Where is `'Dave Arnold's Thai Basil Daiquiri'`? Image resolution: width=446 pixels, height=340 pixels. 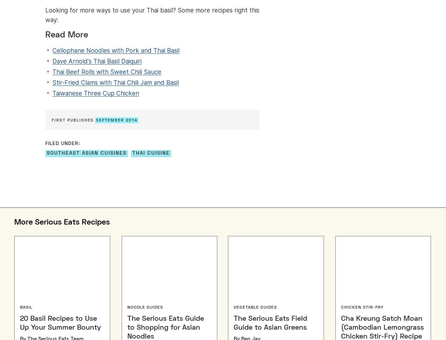 'Dave Arnold's Thai Basil Daiquiri' is located at coordinates (97, 61).